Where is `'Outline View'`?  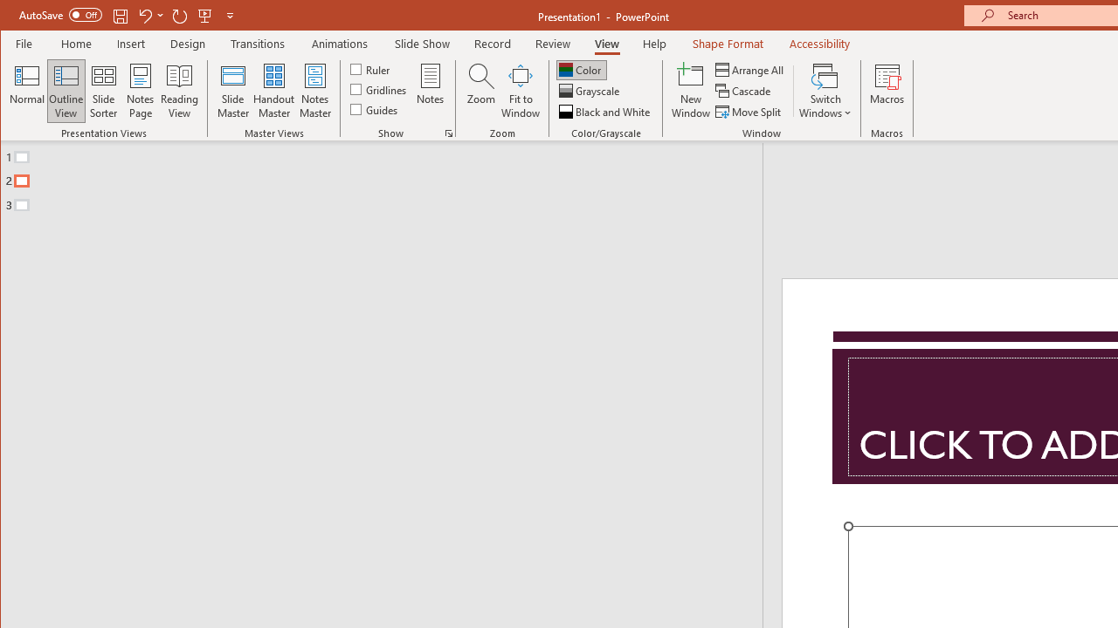
'Outline View' is located at coordinates (66, 91).